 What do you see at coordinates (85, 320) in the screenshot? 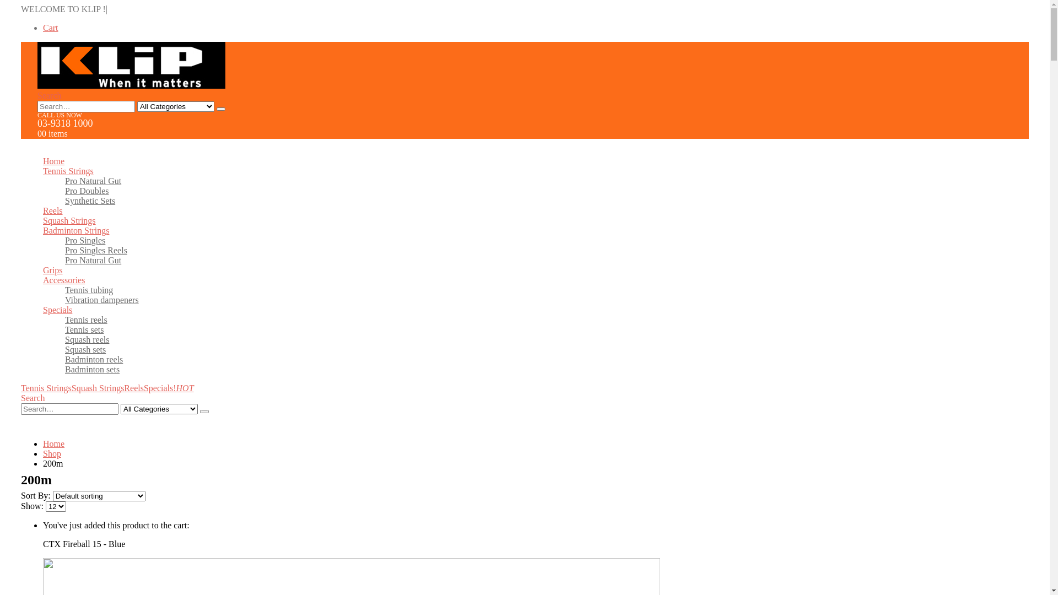
I see `'Tennis reels'` at bounding box center [85, 320].